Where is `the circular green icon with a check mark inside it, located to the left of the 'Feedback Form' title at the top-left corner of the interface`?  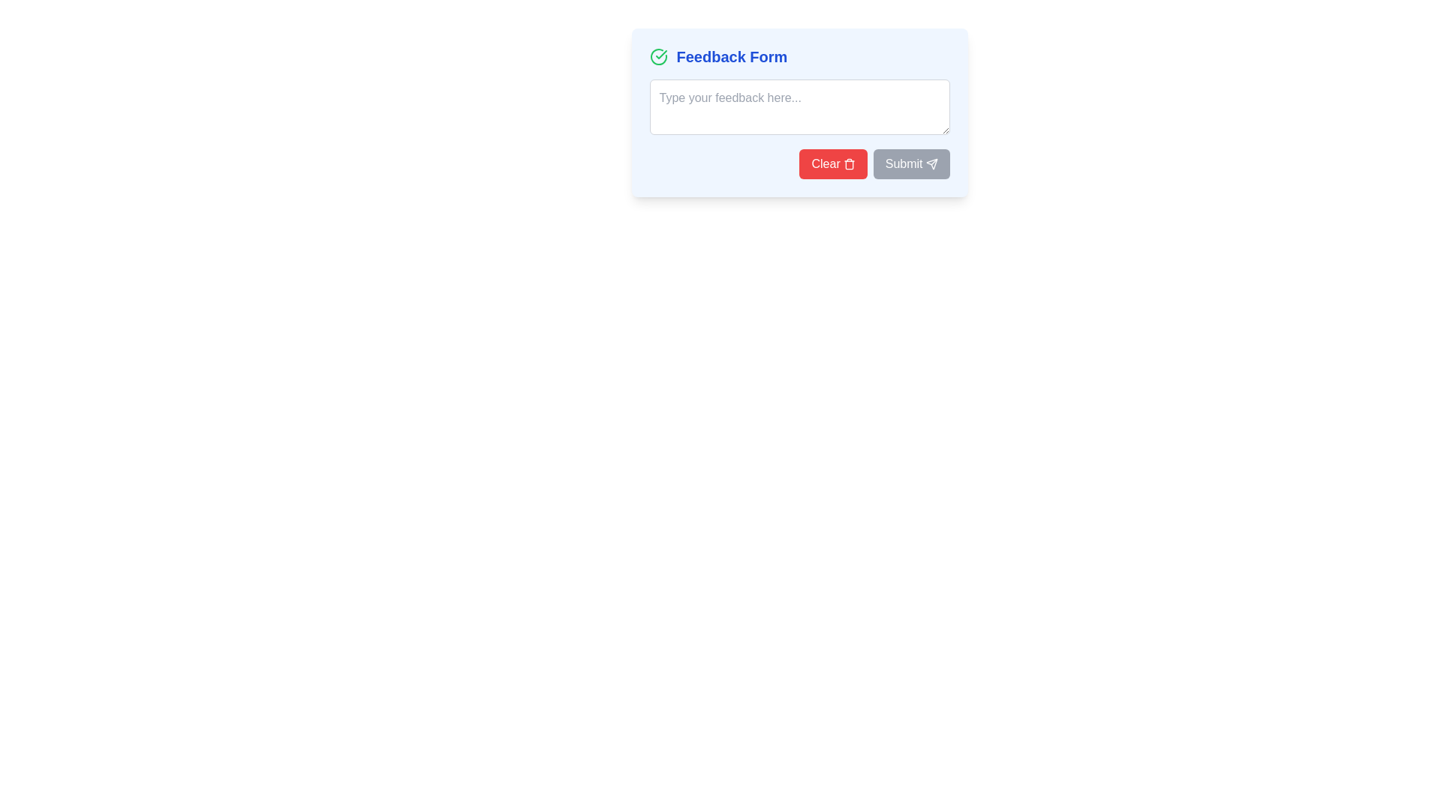
the circular green icon with a check mark inside it, located to the left of the 'Feedback Form' title at the top-left corner of the interface is located at coordinates (658, 56).